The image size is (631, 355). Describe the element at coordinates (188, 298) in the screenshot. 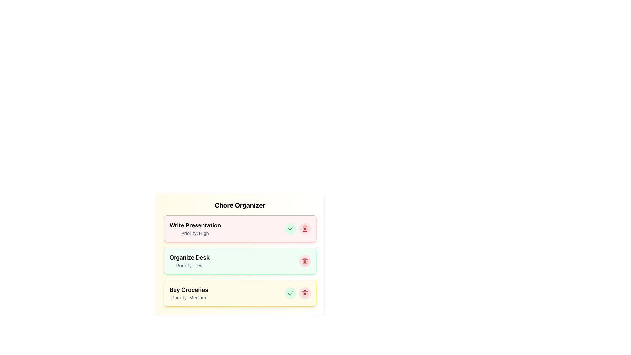

I see `the 'Priority: Medium' text label element located under the 'Buy Groceries' label in the 'Chore Organizer' interface` at that location.